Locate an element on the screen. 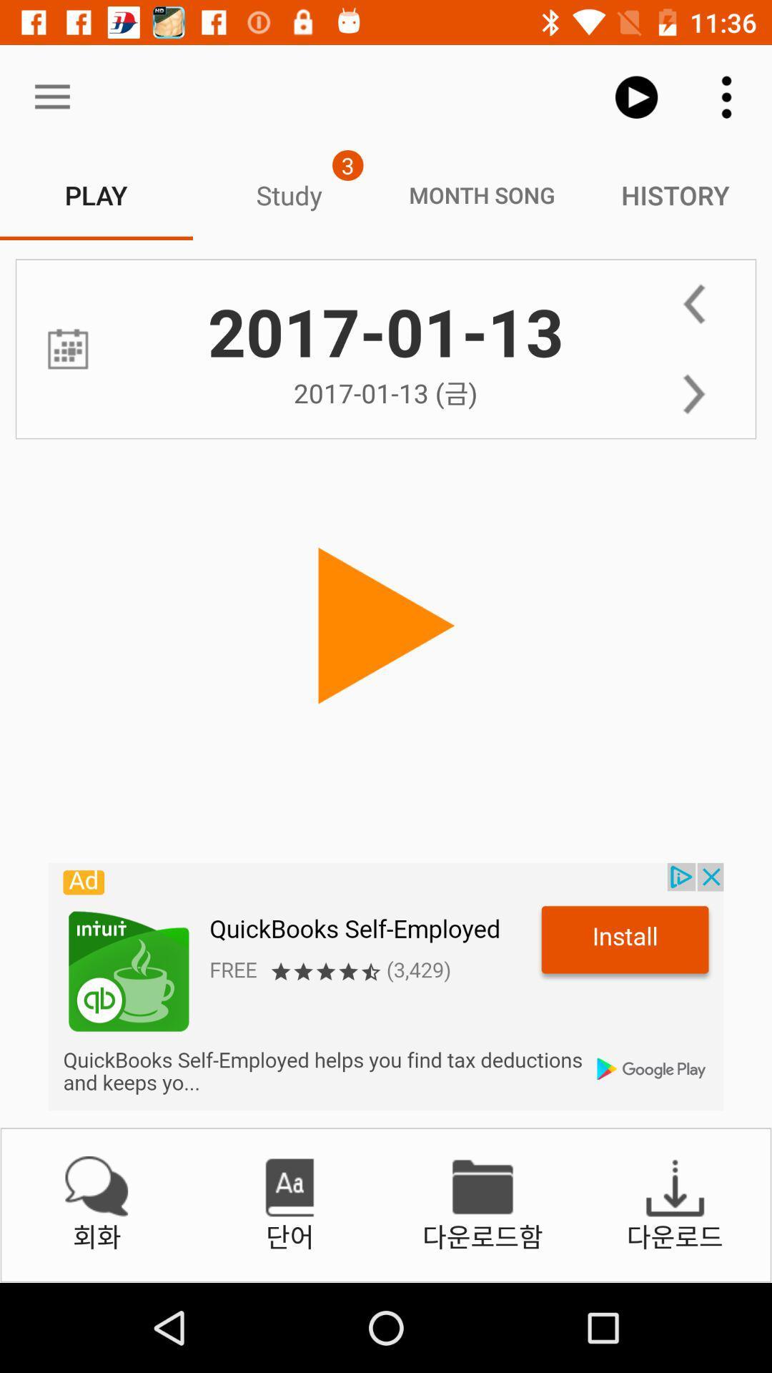  next day is located at coordinates (693, 394).